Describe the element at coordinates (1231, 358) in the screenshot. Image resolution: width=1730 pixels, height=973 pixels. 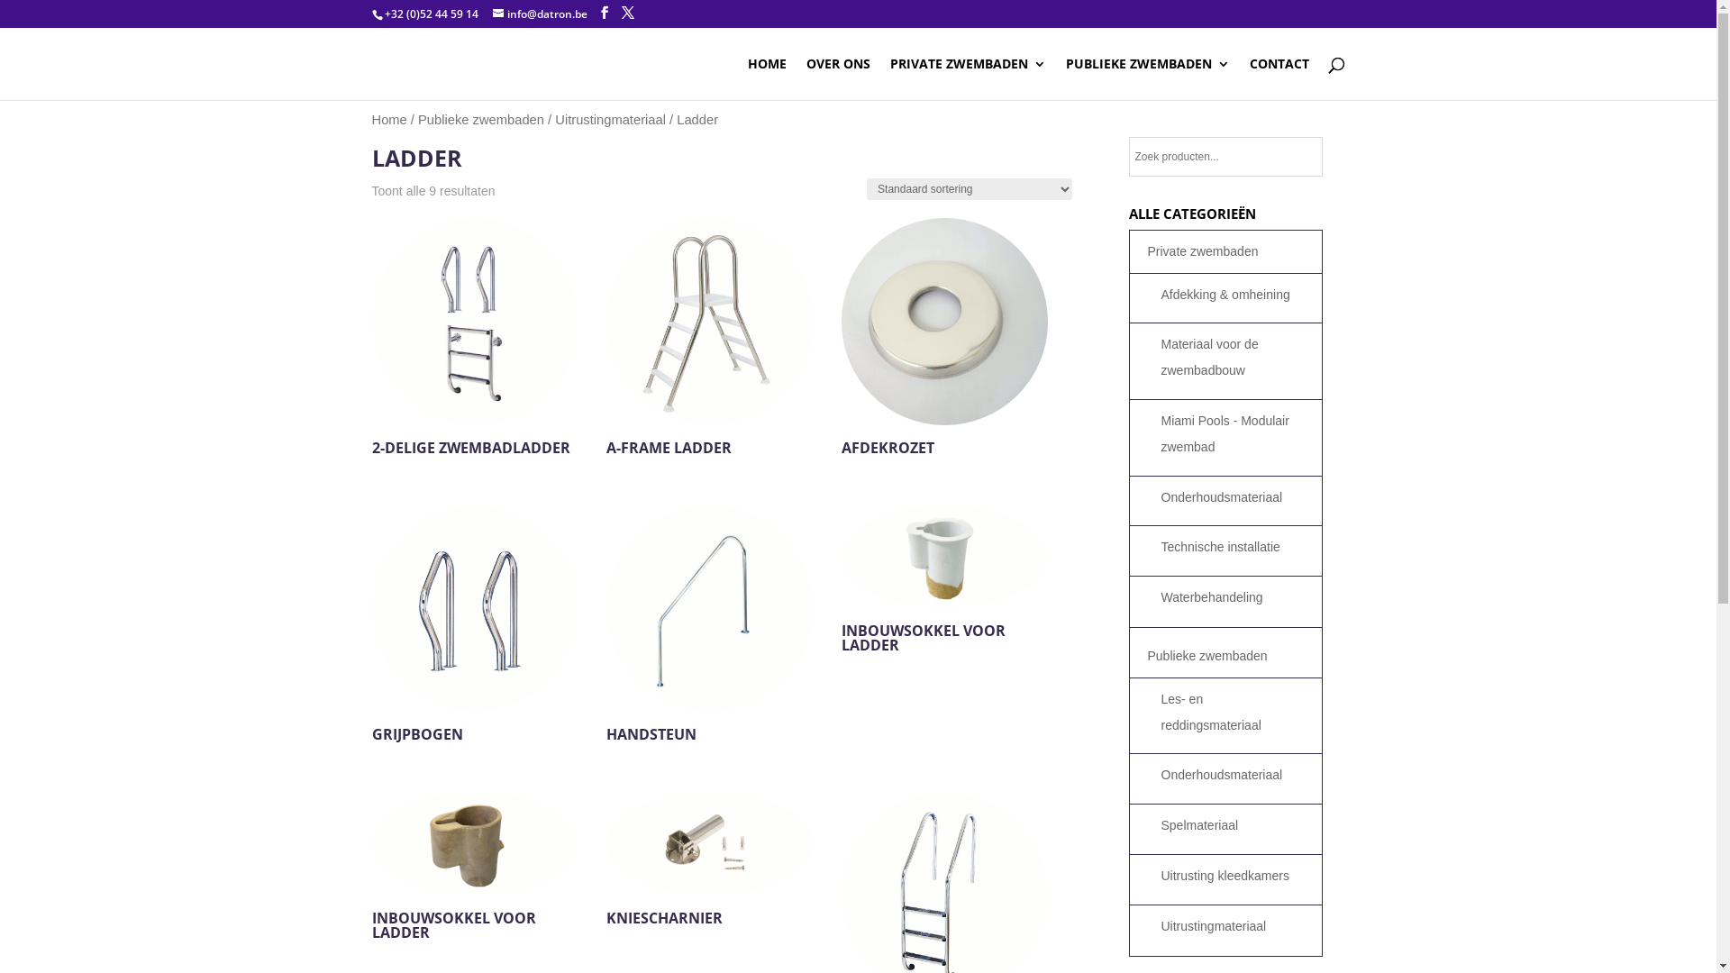
I see `'Materiaal voor de zwembadbouw'` at that location.